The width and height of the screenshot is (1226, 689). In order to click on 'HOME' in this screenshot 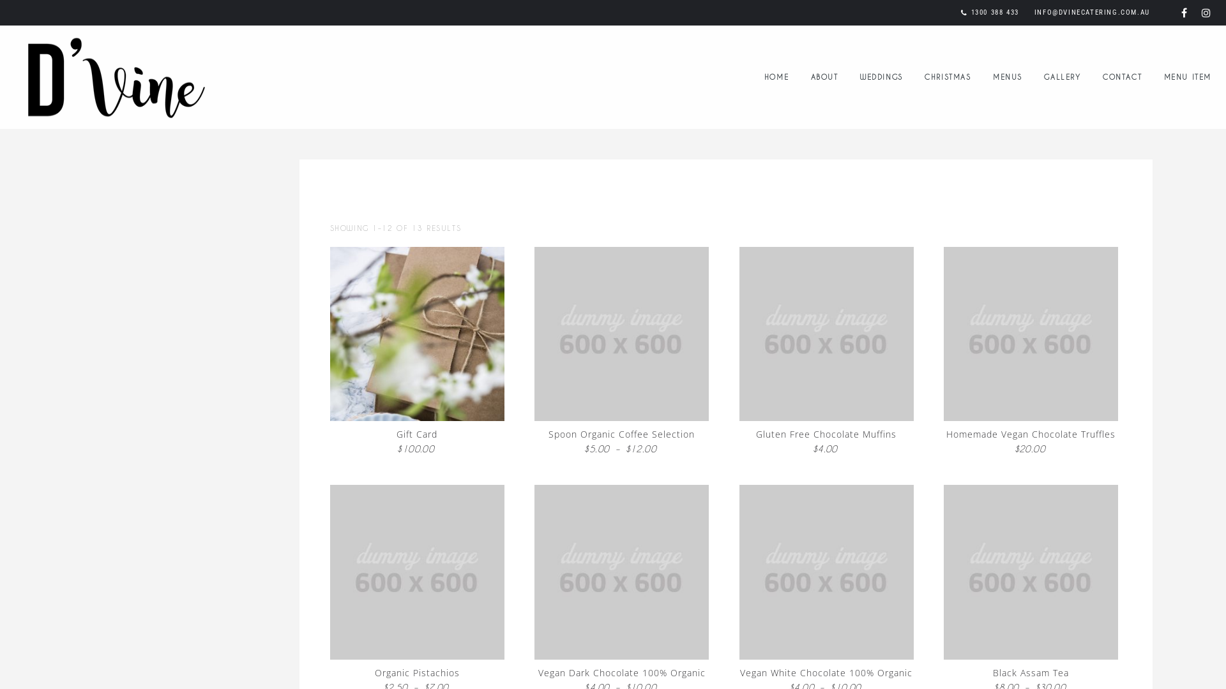, I will do `click(775, 76)`.